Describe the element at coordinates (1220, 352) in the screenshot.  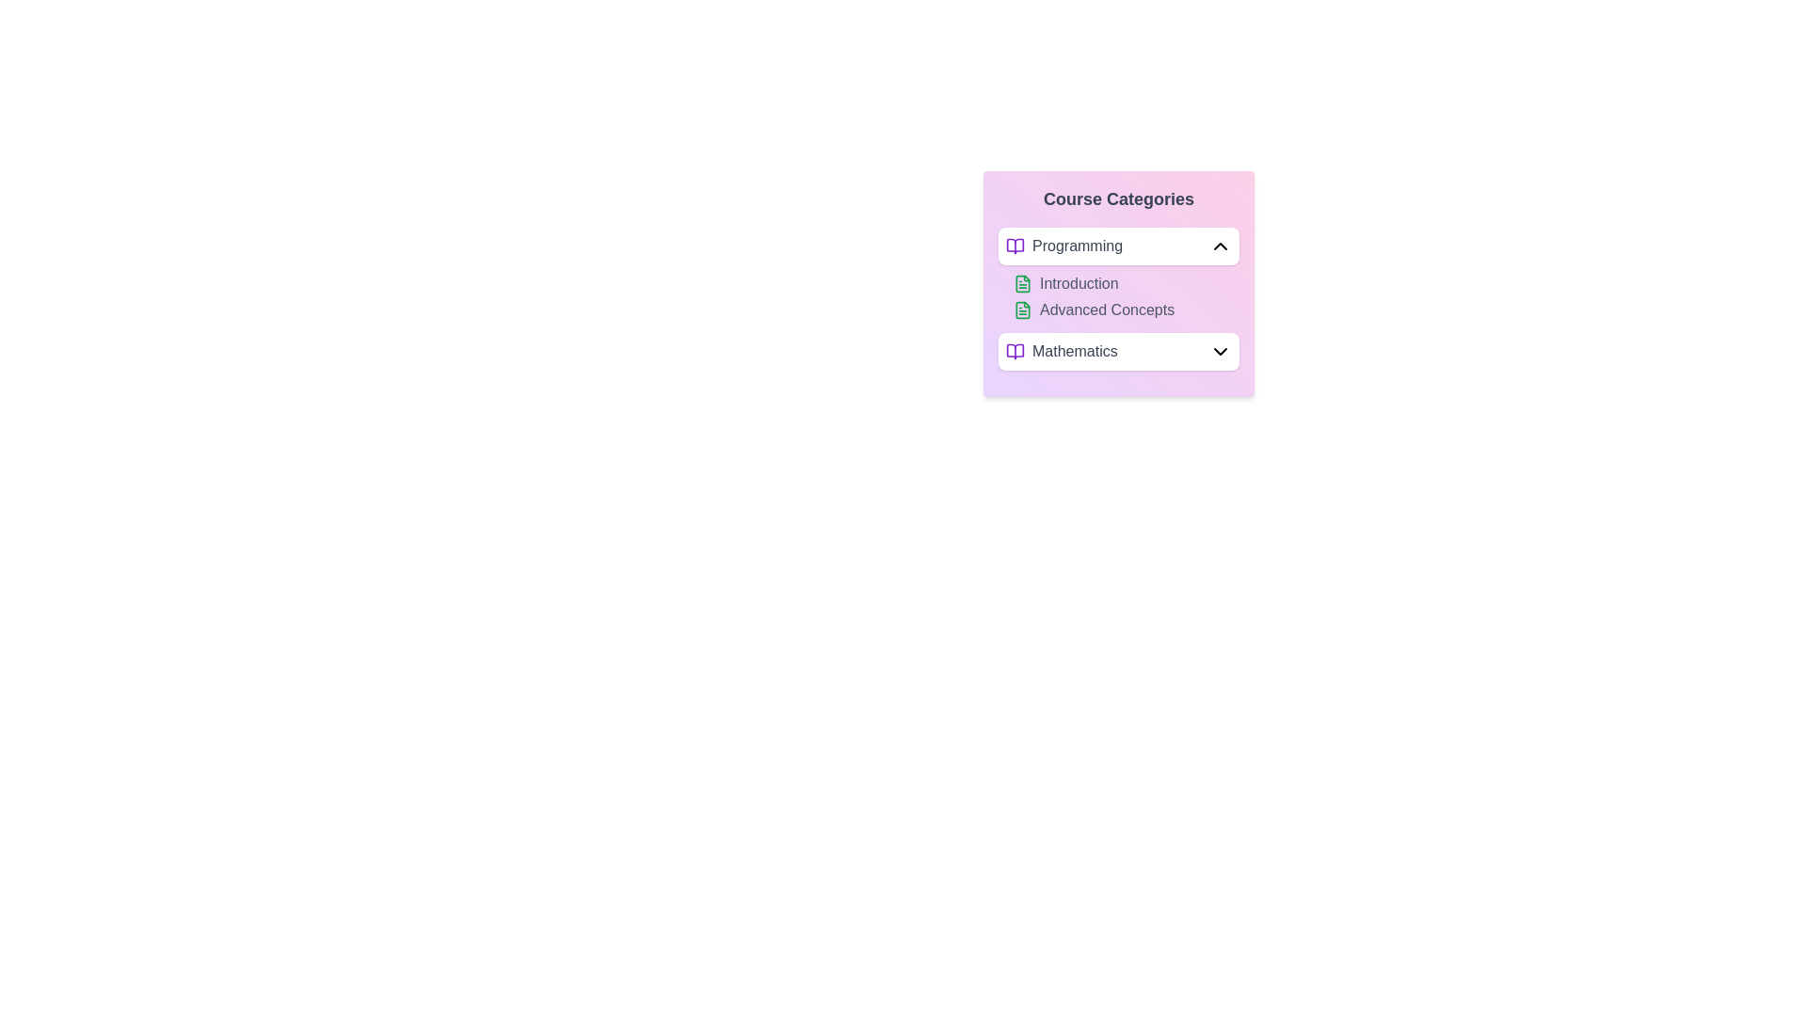
I see `the toggle button of the category Mathematics to expand or collapse it` at that location.